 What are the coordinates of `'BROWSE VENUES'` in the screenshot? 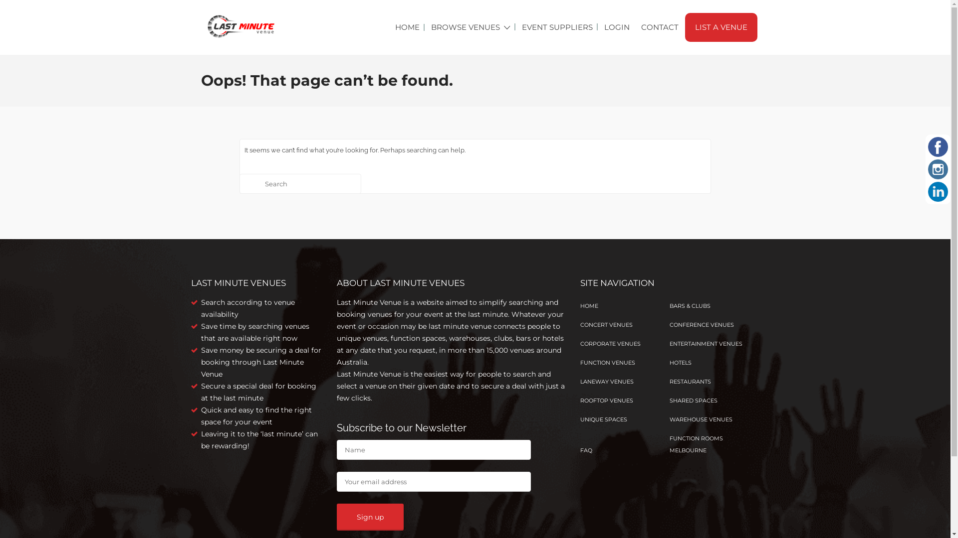 It's located at (465, 26).